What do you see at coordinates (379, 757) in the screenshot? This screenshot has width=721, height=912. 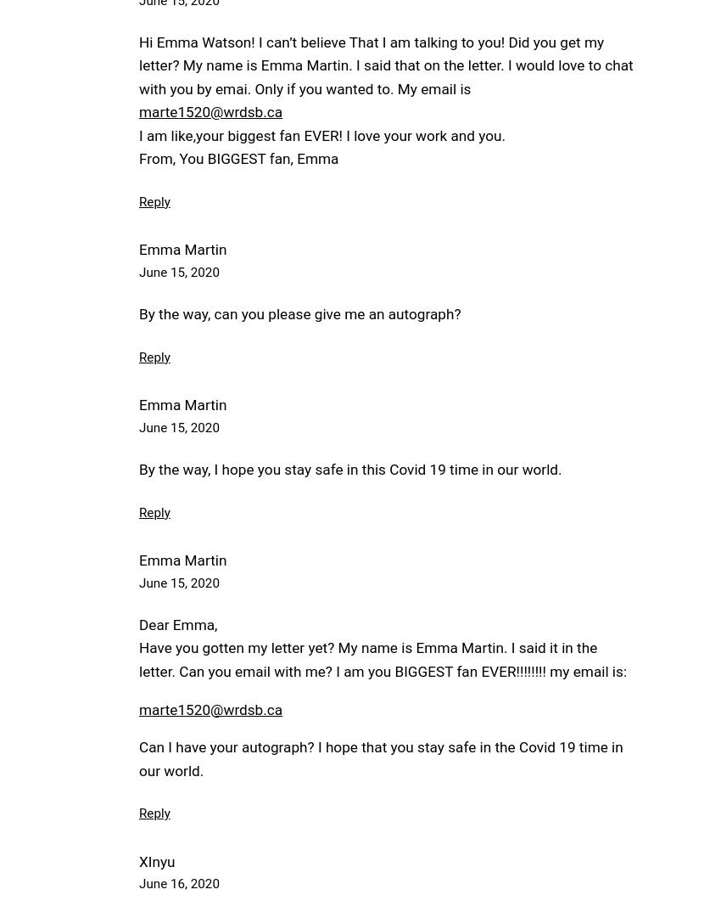 I see `'Can I have your autograph? I hope that you stay safe in the Covid 19 time in our world.'` at bounding box center [379, 757].